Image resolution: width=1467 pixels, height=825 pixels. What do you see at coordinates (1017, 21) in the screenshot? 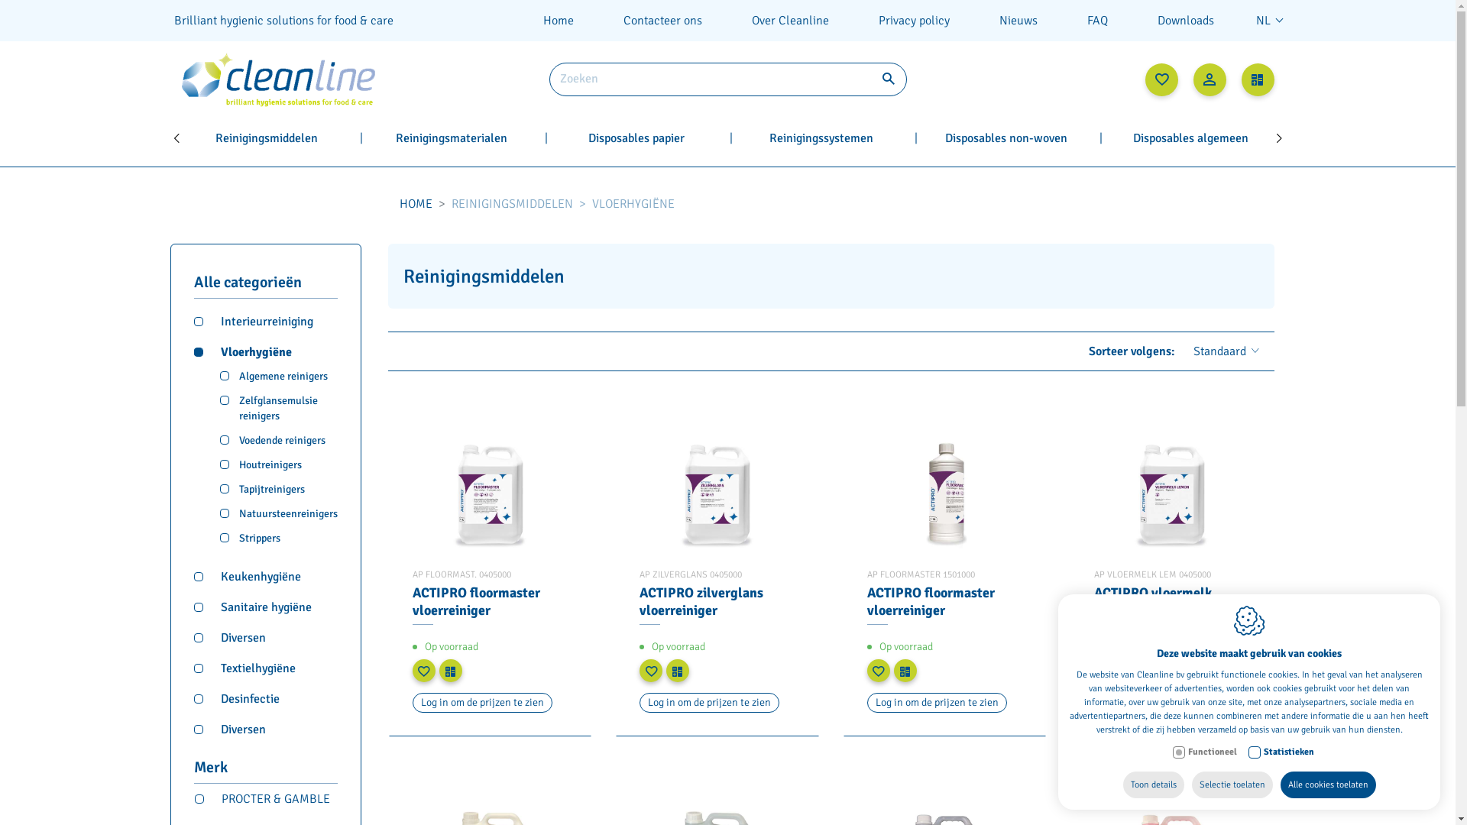
I see `'Nieuws'` at bounding box center [1017, 21].